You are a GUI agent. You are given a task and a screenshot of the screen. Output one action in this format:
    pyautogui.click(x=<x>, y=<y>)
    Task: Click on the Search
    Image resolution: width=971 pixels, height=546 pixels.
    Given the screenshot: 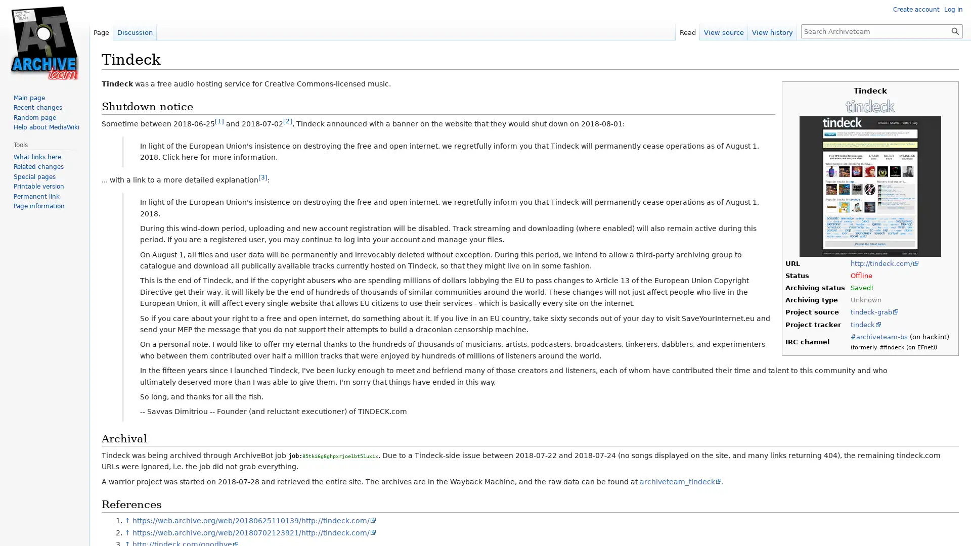 What is the action you would take?
    pyautogui.click(x=955, y=30)
    